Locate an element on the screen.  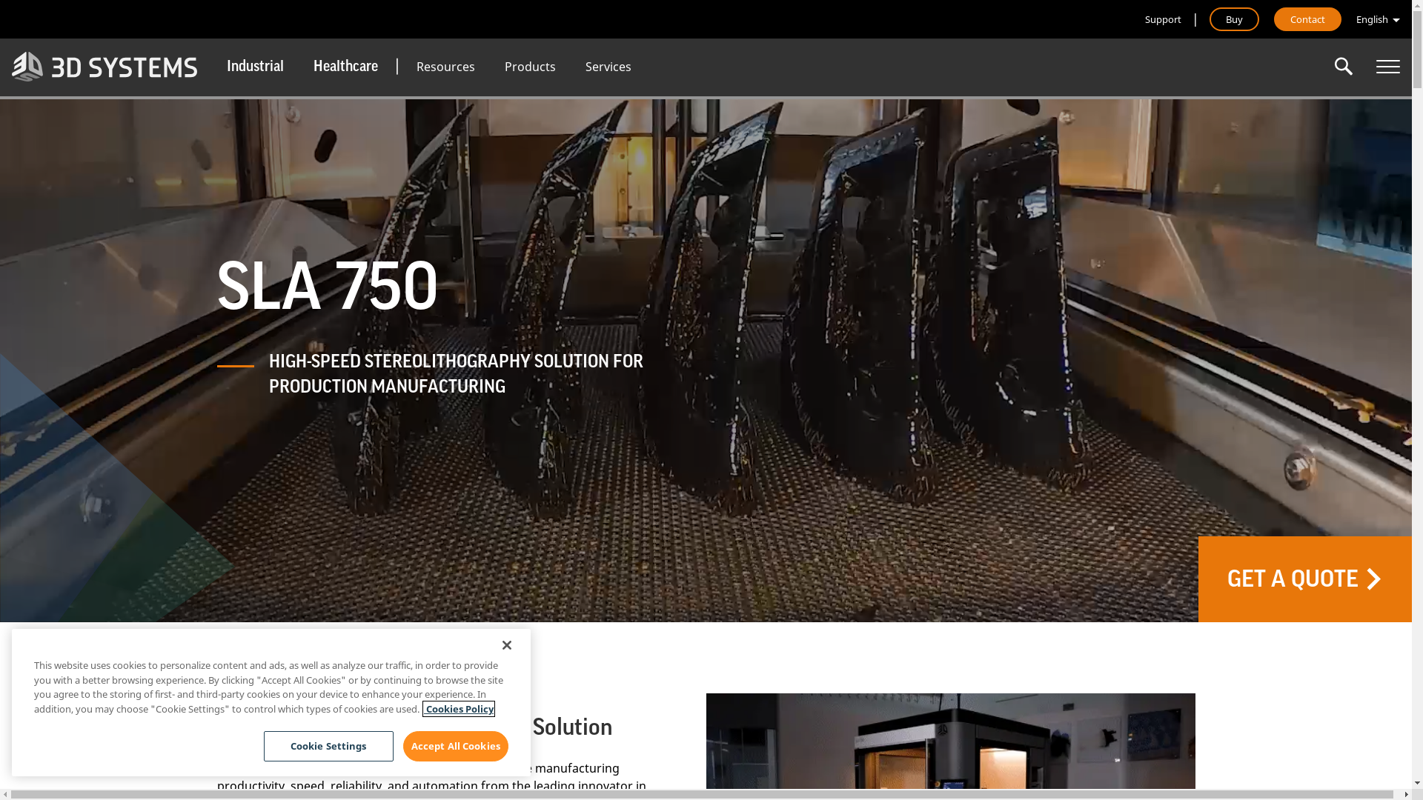
'Cookies Policy' is located at coordinates (458, 707).